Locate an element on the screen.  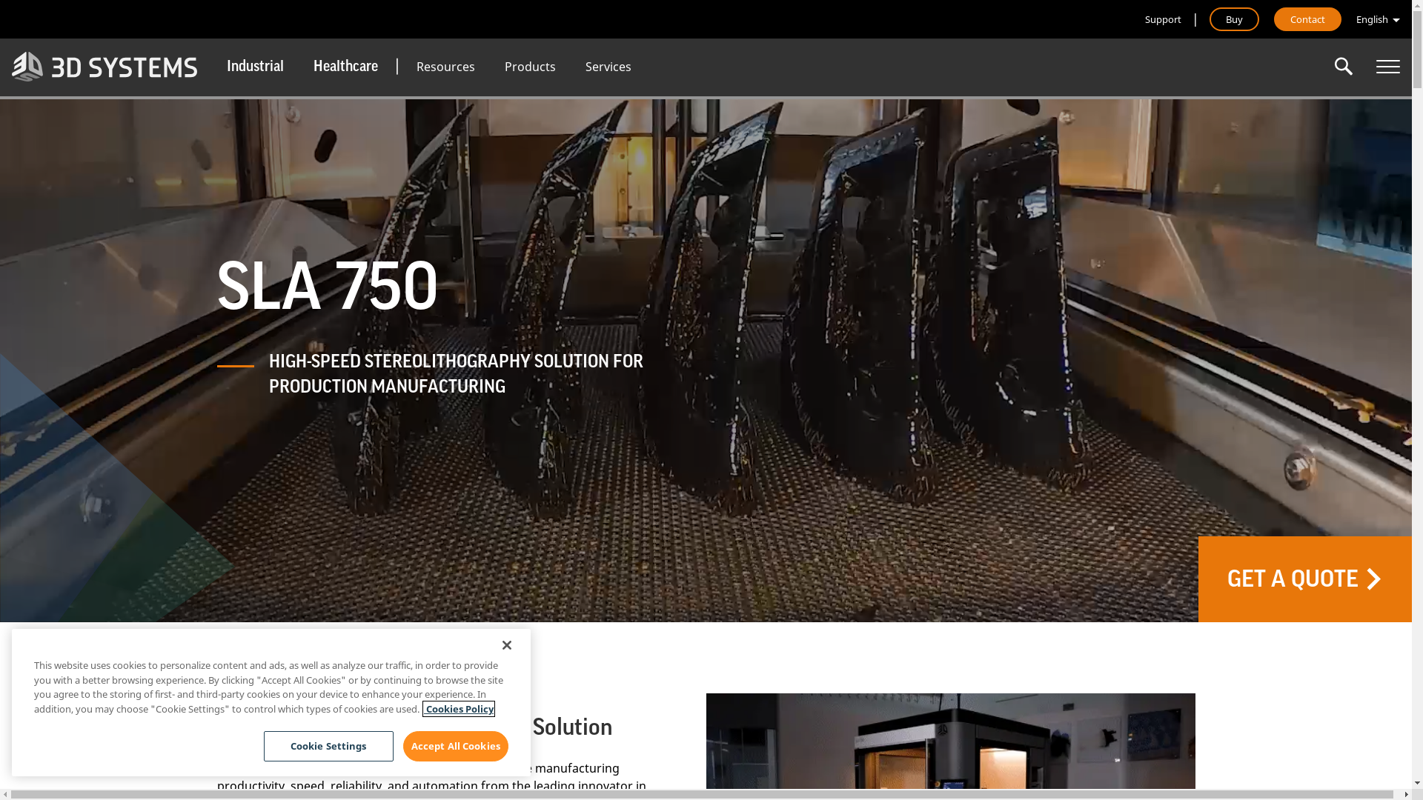
'Cookies Policy' is located at coordinates (458, 707).